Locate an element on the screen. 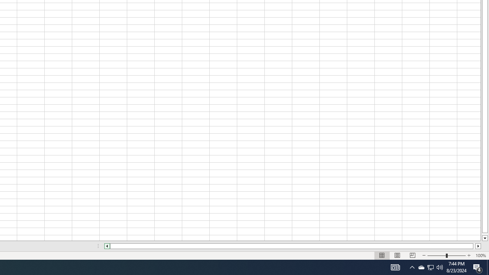 This screenshot has height=275, width=489. 'Normal' is located at coordinates (382, 256).